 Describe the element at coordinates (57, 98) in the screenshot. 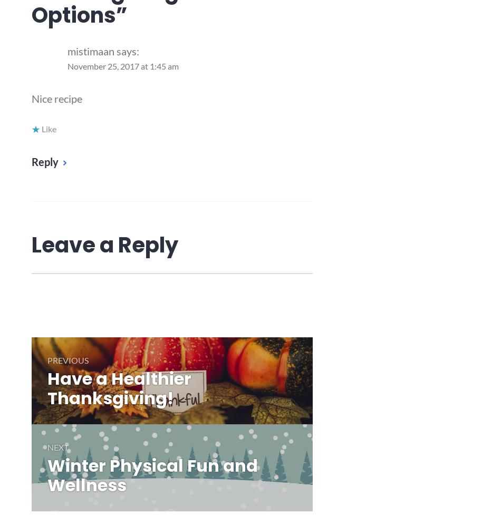

I see `'Nice recipe'` at that location.